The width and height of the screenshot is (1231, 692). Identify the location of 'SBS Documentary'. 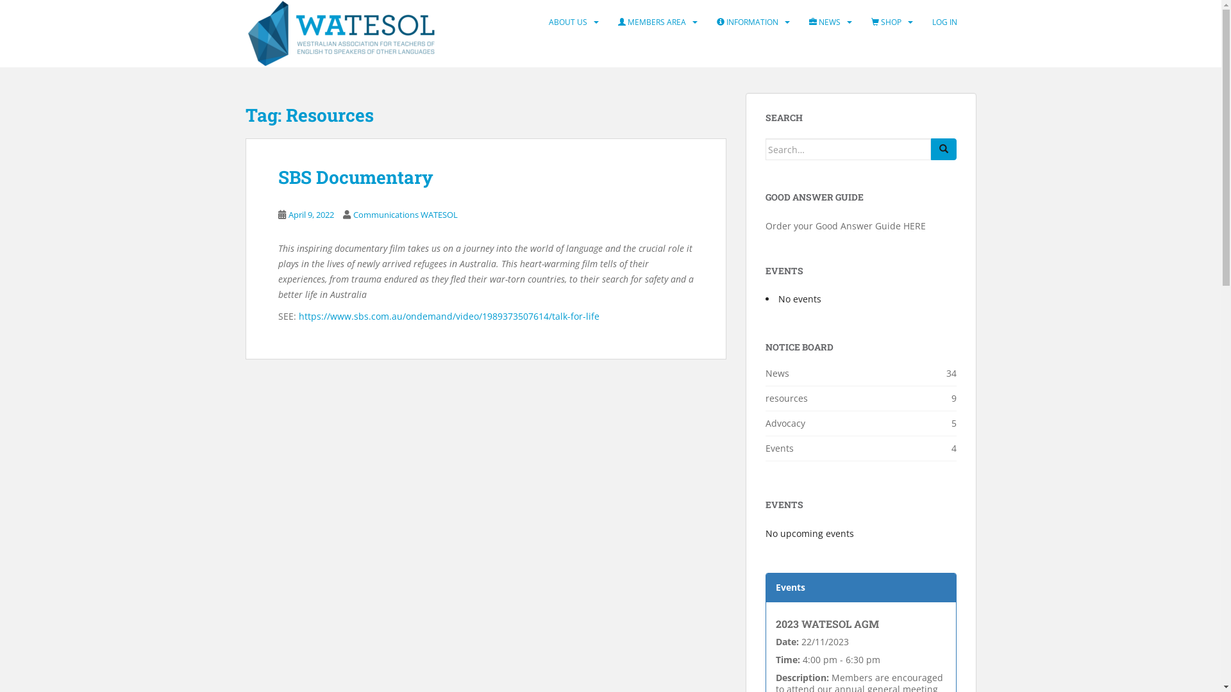
(356, 177).